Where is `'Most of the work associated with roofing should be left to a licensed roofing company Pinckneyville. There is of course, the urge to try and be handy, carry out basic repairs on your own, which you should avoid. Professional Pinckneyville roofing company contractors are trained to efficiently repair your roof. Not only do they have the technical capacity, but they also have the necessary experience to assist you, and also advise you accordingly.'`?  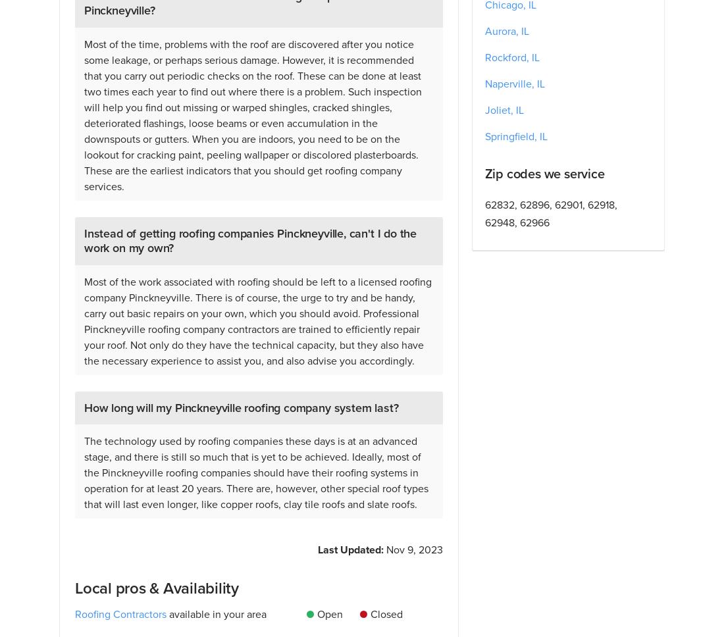 'Most of the work associated with roofing should be left to a licensed roofing company Pinckneyville. There is of course, the urge to try and be handy, carry out basic repairs on your own, which you should avoid. Professional Pinckneyville roofing company contractors are trained to efficiently repair your roof. Not only do they have the technical capacity, but they also have the necessary experience to assist you, and also advise you accordingly.' is located at coordinates (258, 320).